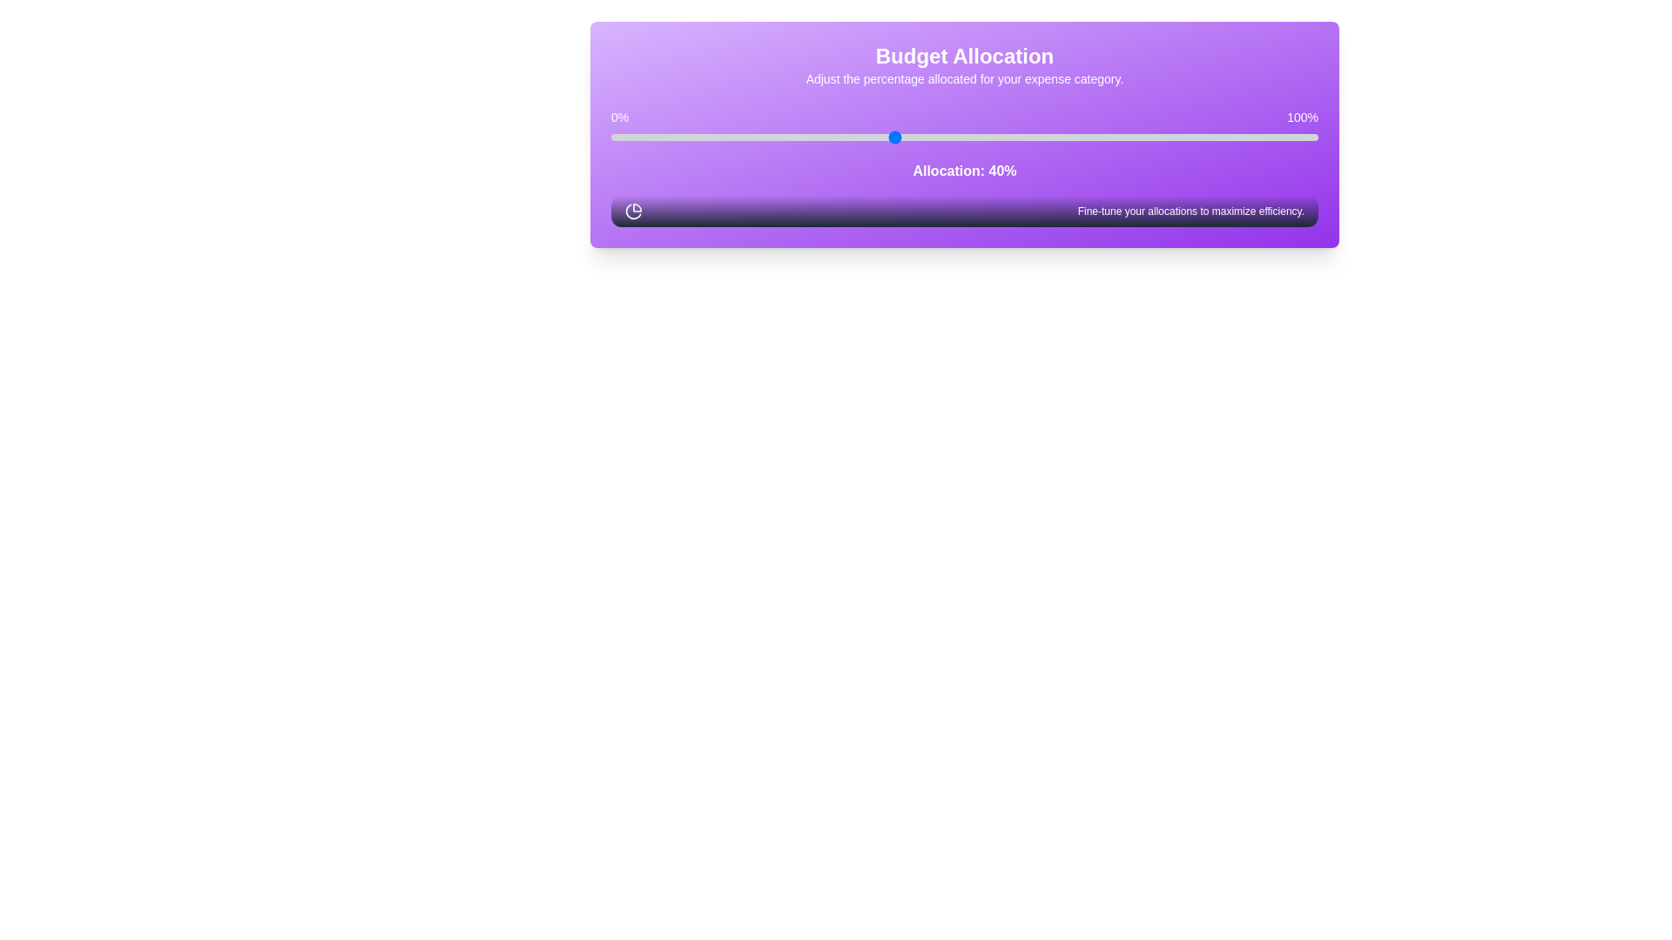  I want to click on the slider, so click(893, 137).